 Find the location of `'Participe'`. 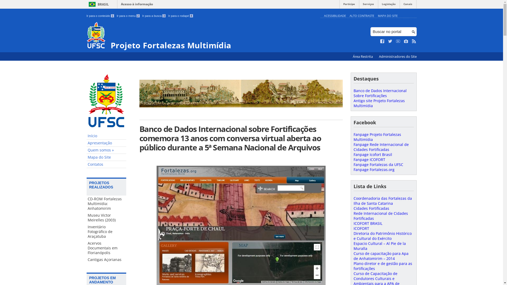

'Participe' is located at coordinates (349, 5).